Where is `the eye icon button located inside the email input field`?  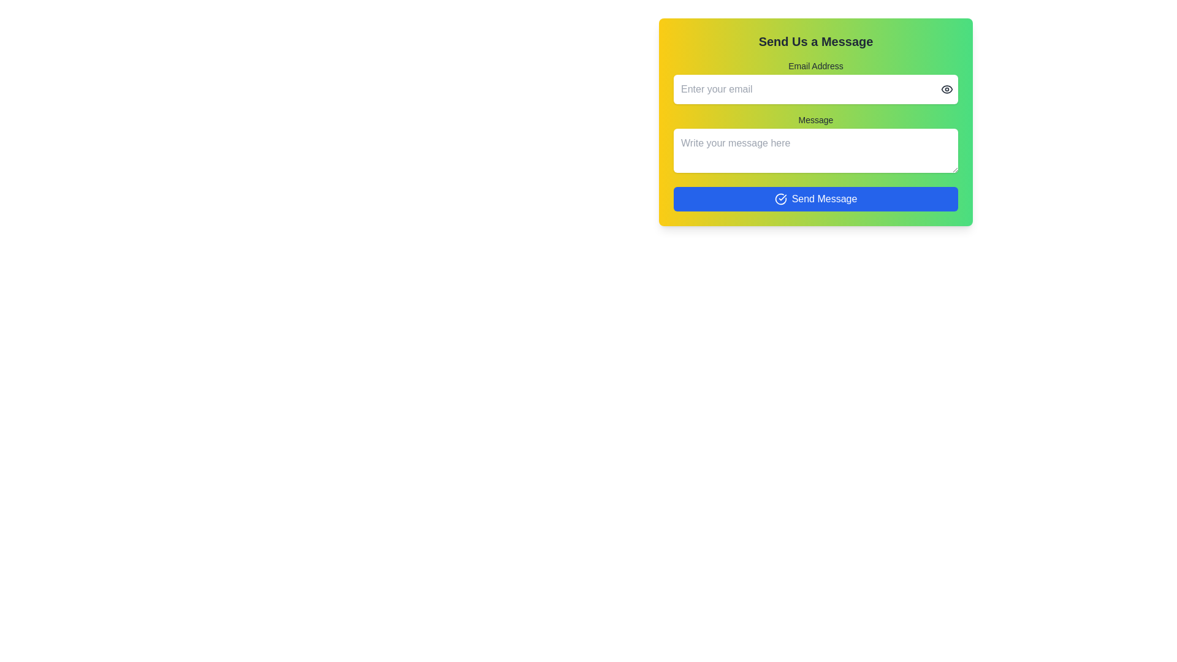
the eye icon button located inside the email input field is located at coordinates (947, 89).